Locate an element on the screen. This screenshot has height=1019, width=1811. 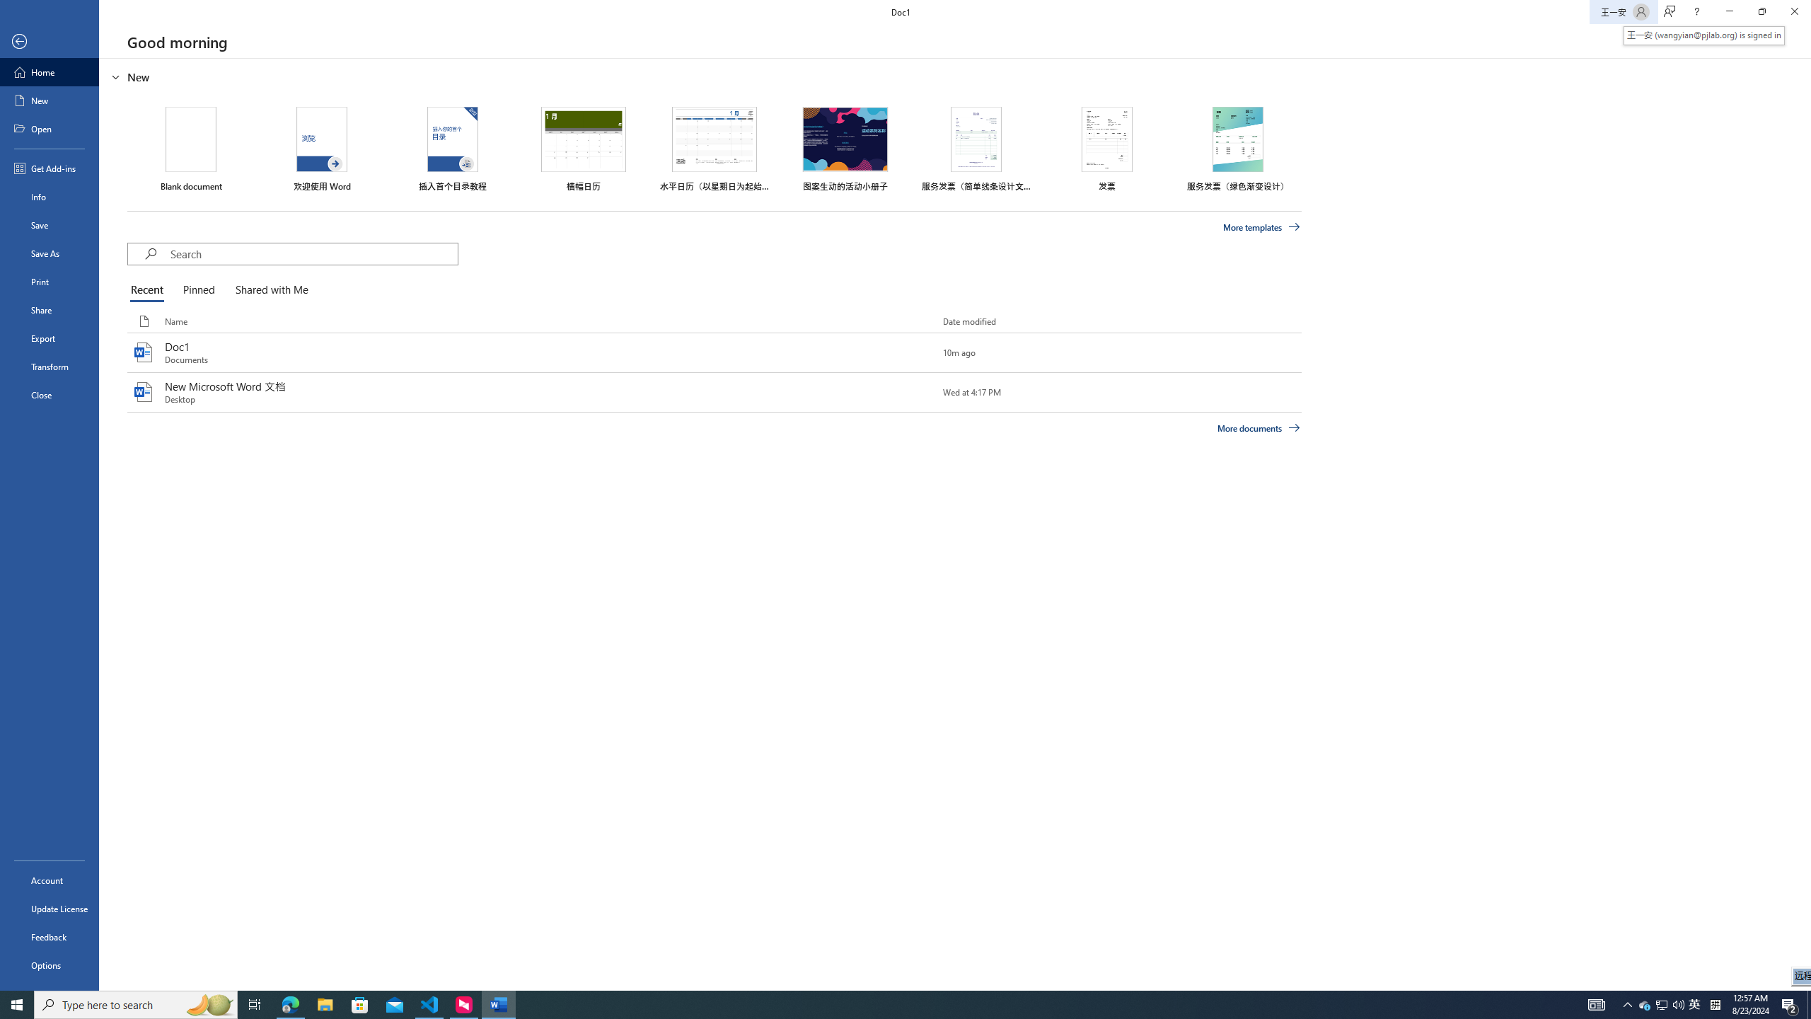
'New' is located at coordinates (49, 100).